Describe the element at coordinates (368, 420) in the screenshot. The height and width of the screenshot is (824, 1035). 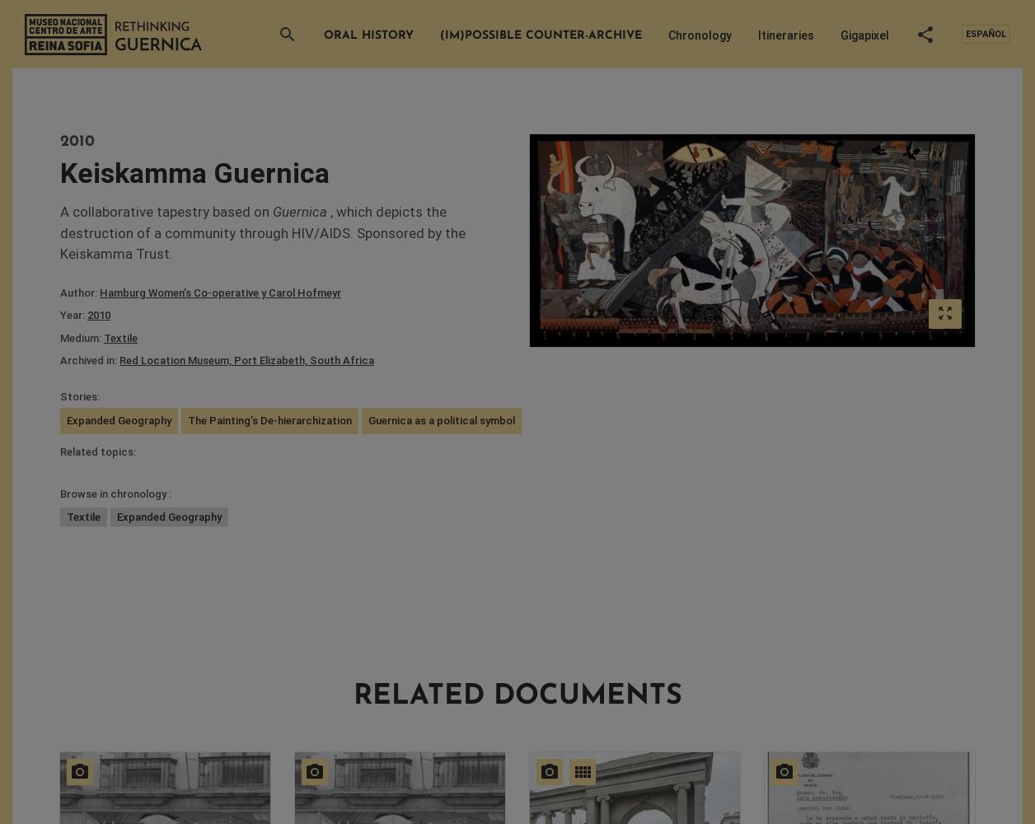
I see `'Guernica as a political symbol'` at that location.